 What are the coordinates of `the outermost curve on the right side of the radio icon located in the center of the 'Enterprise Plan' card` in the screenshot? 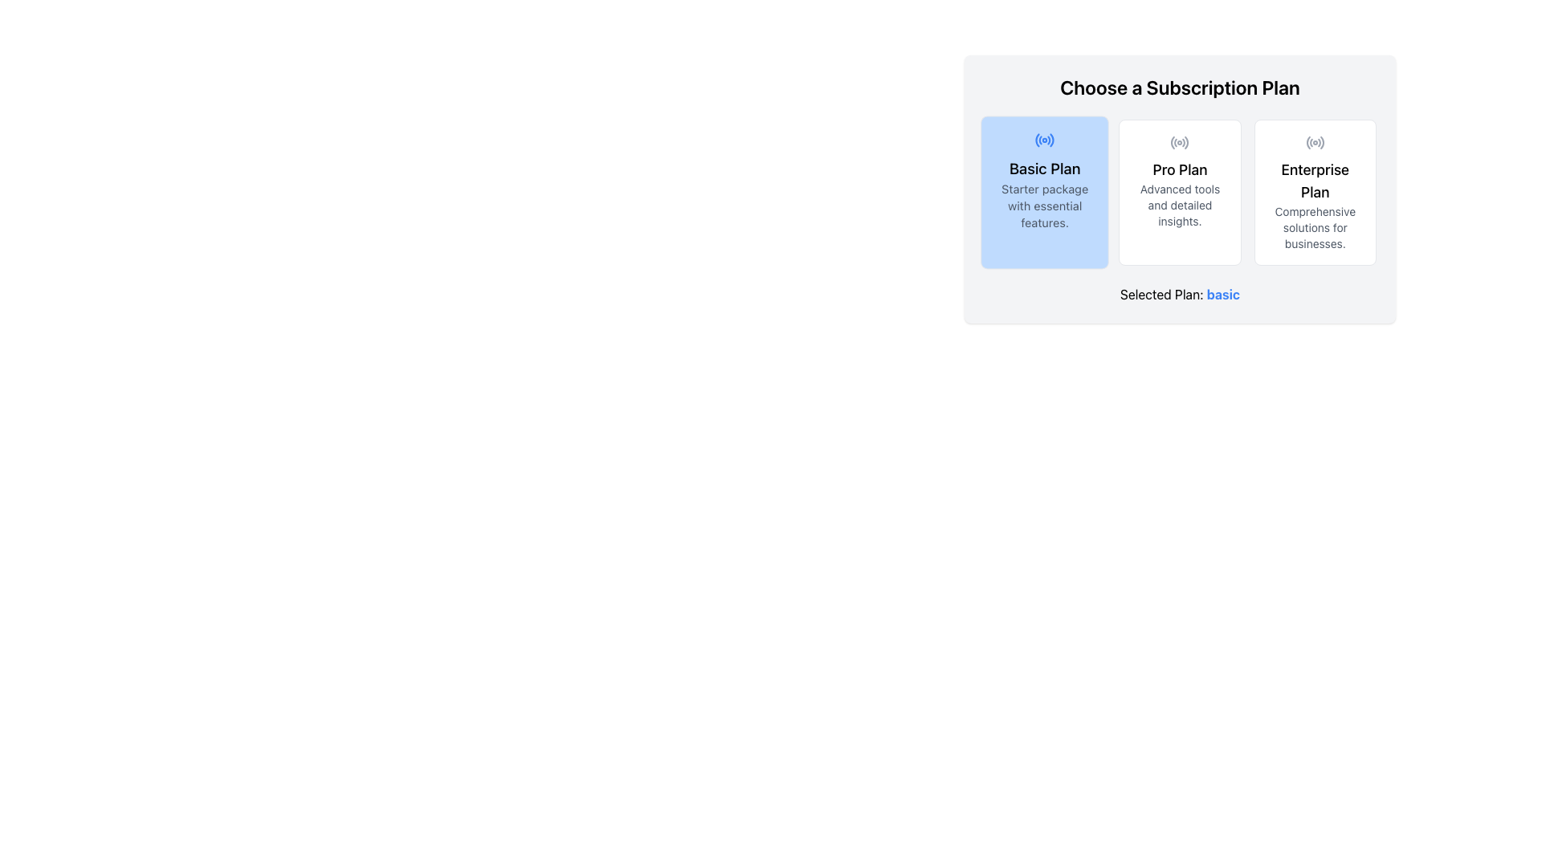 It's located at (1322, 141).